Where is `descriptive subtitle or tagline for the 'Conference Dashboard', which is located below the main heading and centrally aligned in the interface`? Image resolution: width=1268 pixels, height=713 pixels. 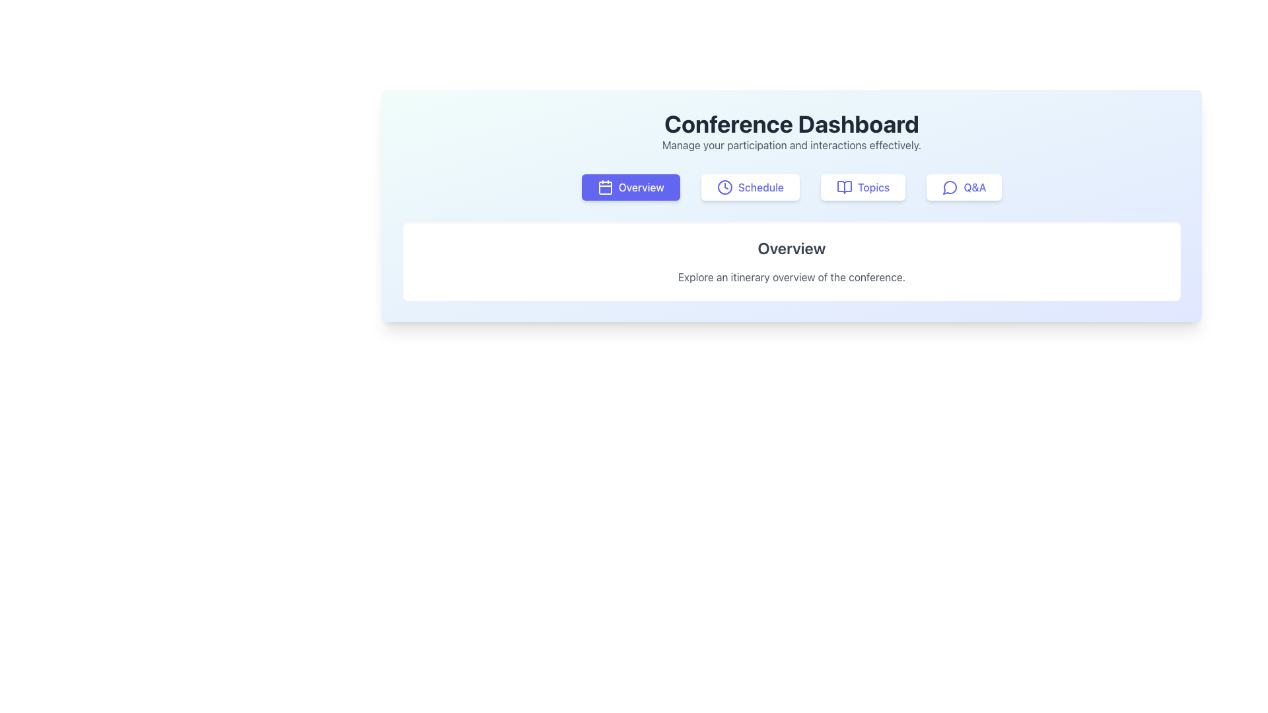 descriptive subtitle or tagline for the 'Conference Dashboard', which is located below the main heading and centrally aligned in the interface is located at coordinates (792, 145).